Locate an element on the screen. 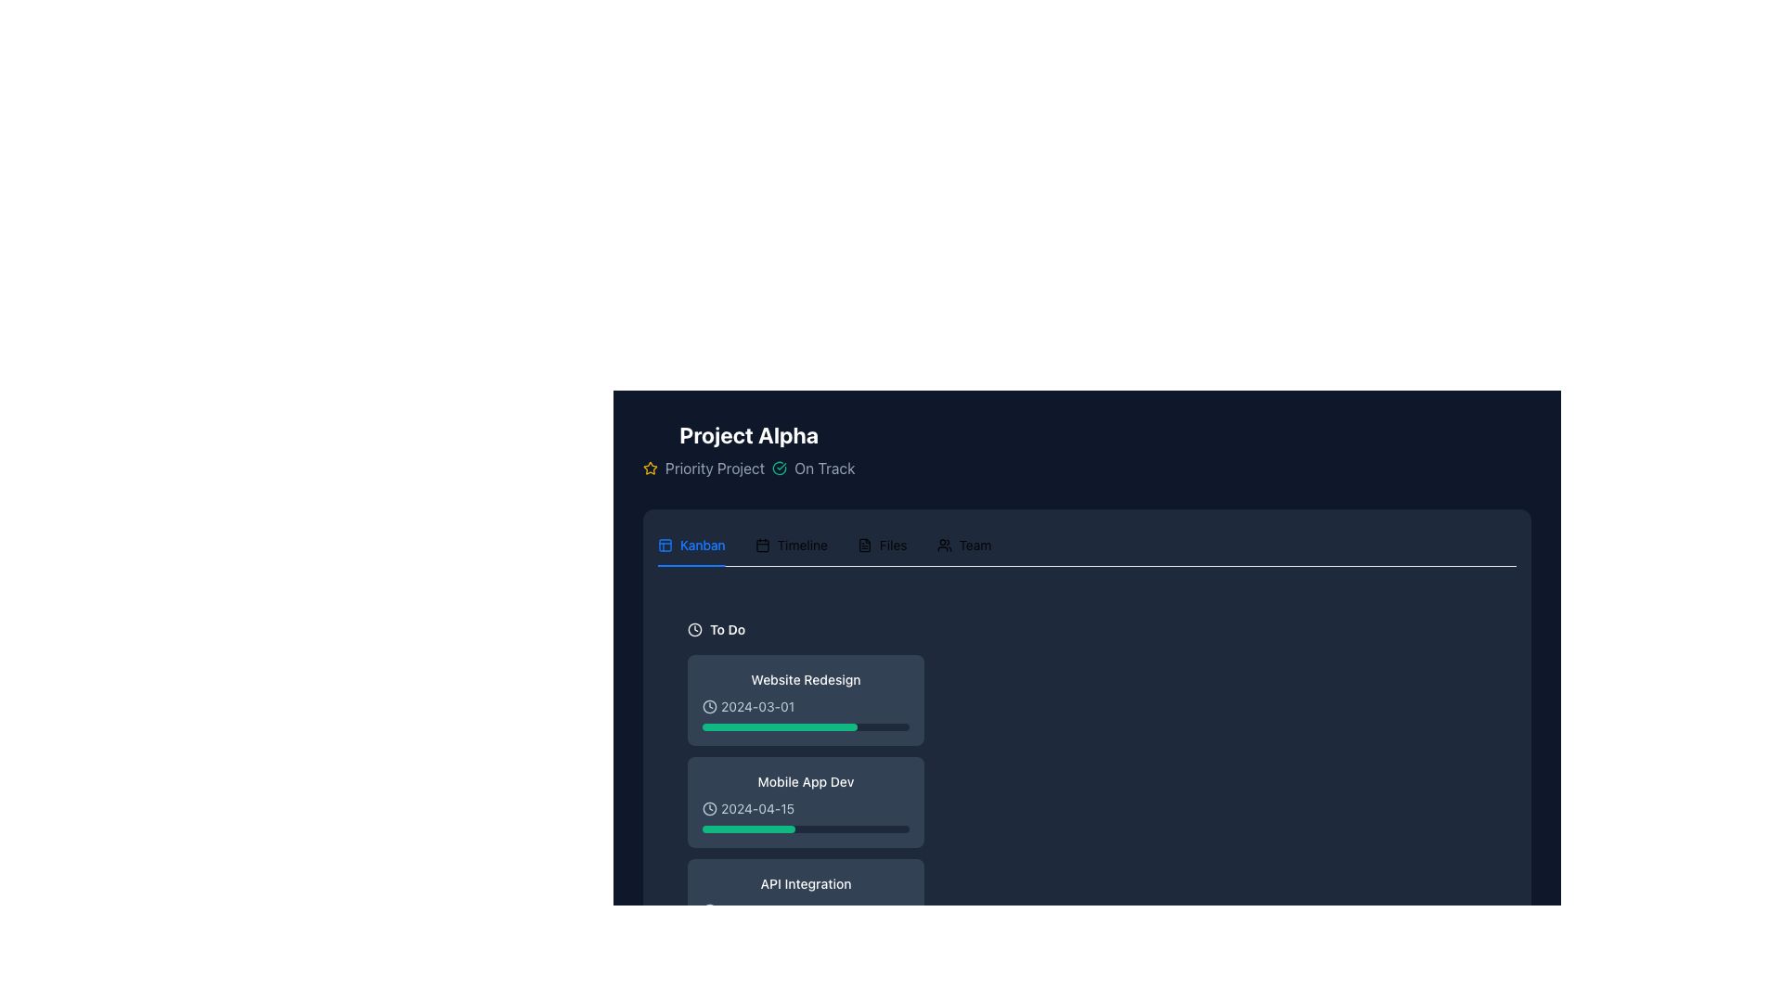 Image resolution: width=1782 pixels, height=1002 pixels. the SVG graphical icon located to the left side of the 'To Do' title in the top-left section of the Kanban board interface is located at coordinates (693, 628).